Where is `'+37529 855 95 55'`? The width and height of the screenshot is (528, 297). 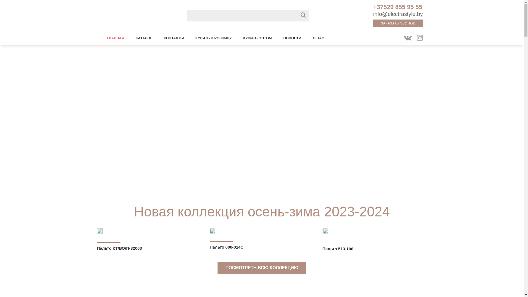
'+37529 855 95 55' is located at coordinates (397, 8).